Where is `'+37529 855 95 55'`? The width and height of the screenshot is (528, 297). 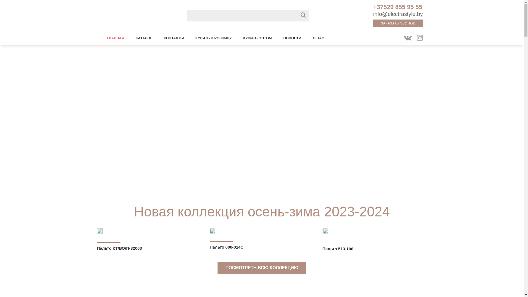
'+37529 855 95 55' is located at coordinates (397, 8).